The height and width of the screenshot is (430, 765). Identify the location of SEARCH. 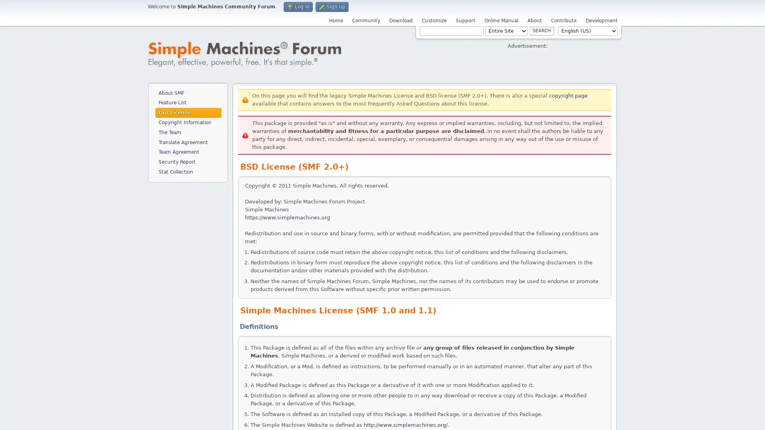
(541, 30).